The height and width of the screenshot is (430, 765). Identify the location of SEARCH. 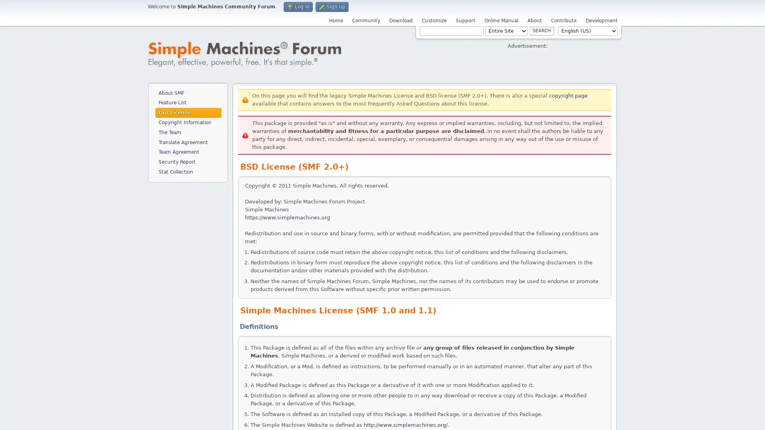
(541, 30).